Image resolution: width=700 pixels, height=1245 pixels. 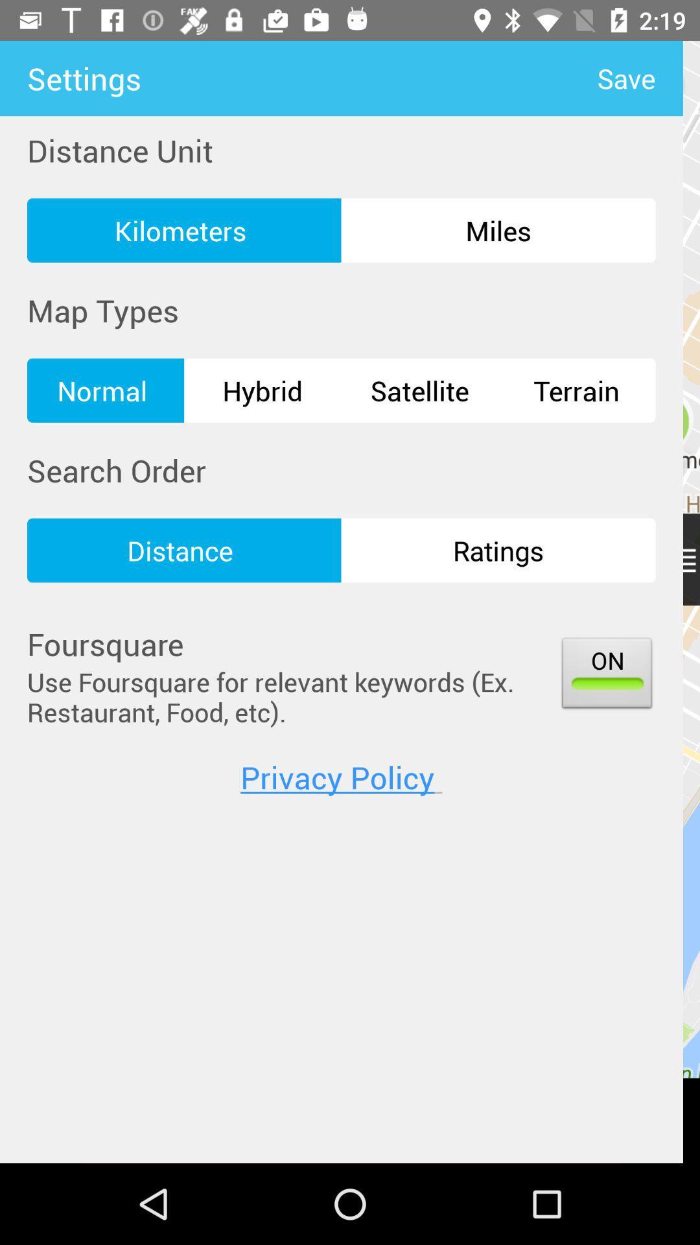 What do you see at coordinates (607, 675) in the screenshot?
I see `on icon` at bounding box center [607, 675].